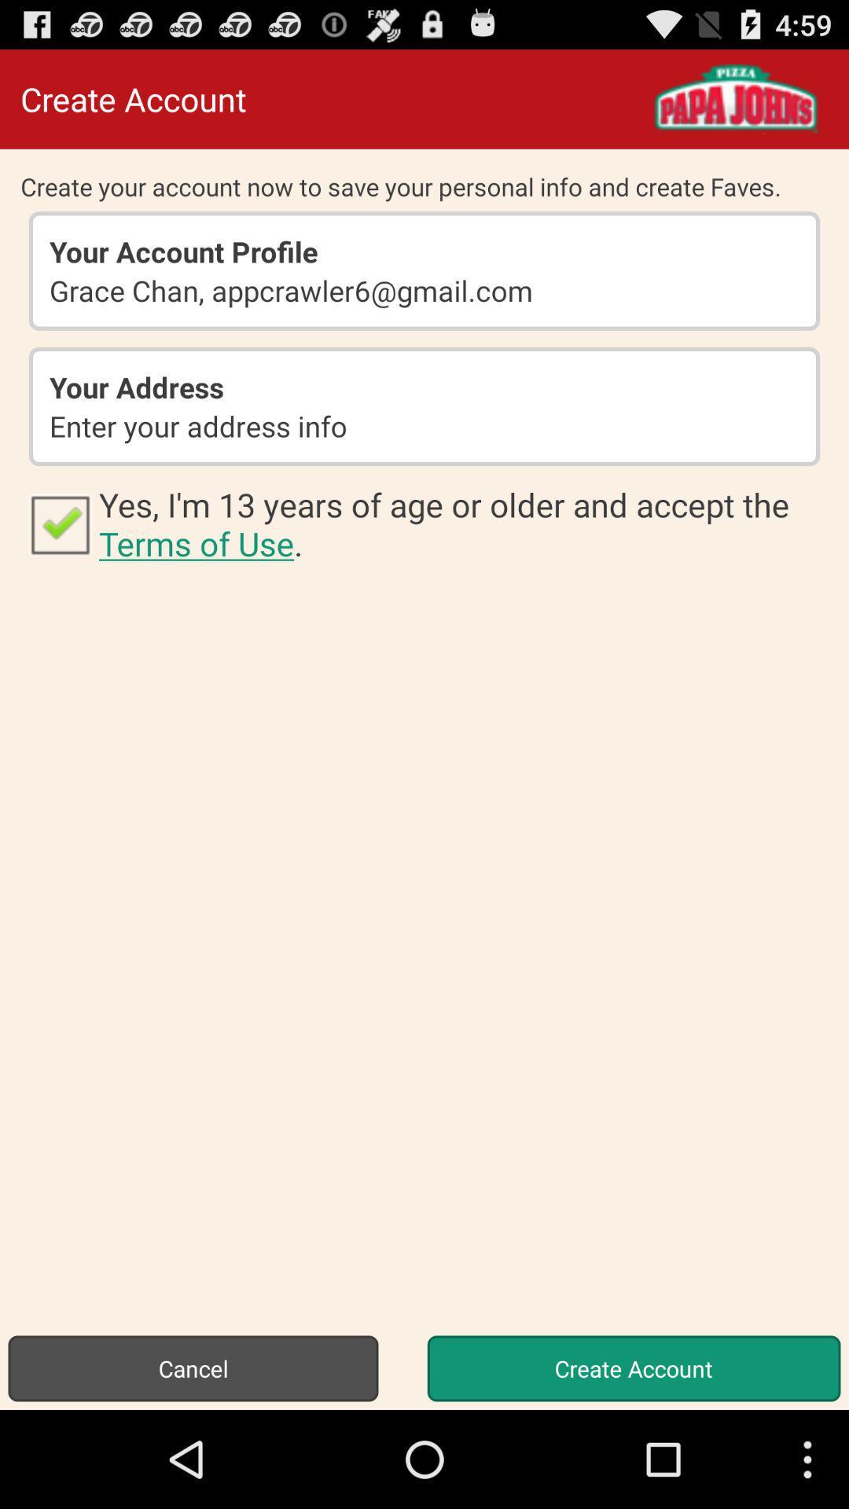 Image resolution: width=849 pixels, height=1509 pixels. I want to click on icon on the left, so click(59, 523).